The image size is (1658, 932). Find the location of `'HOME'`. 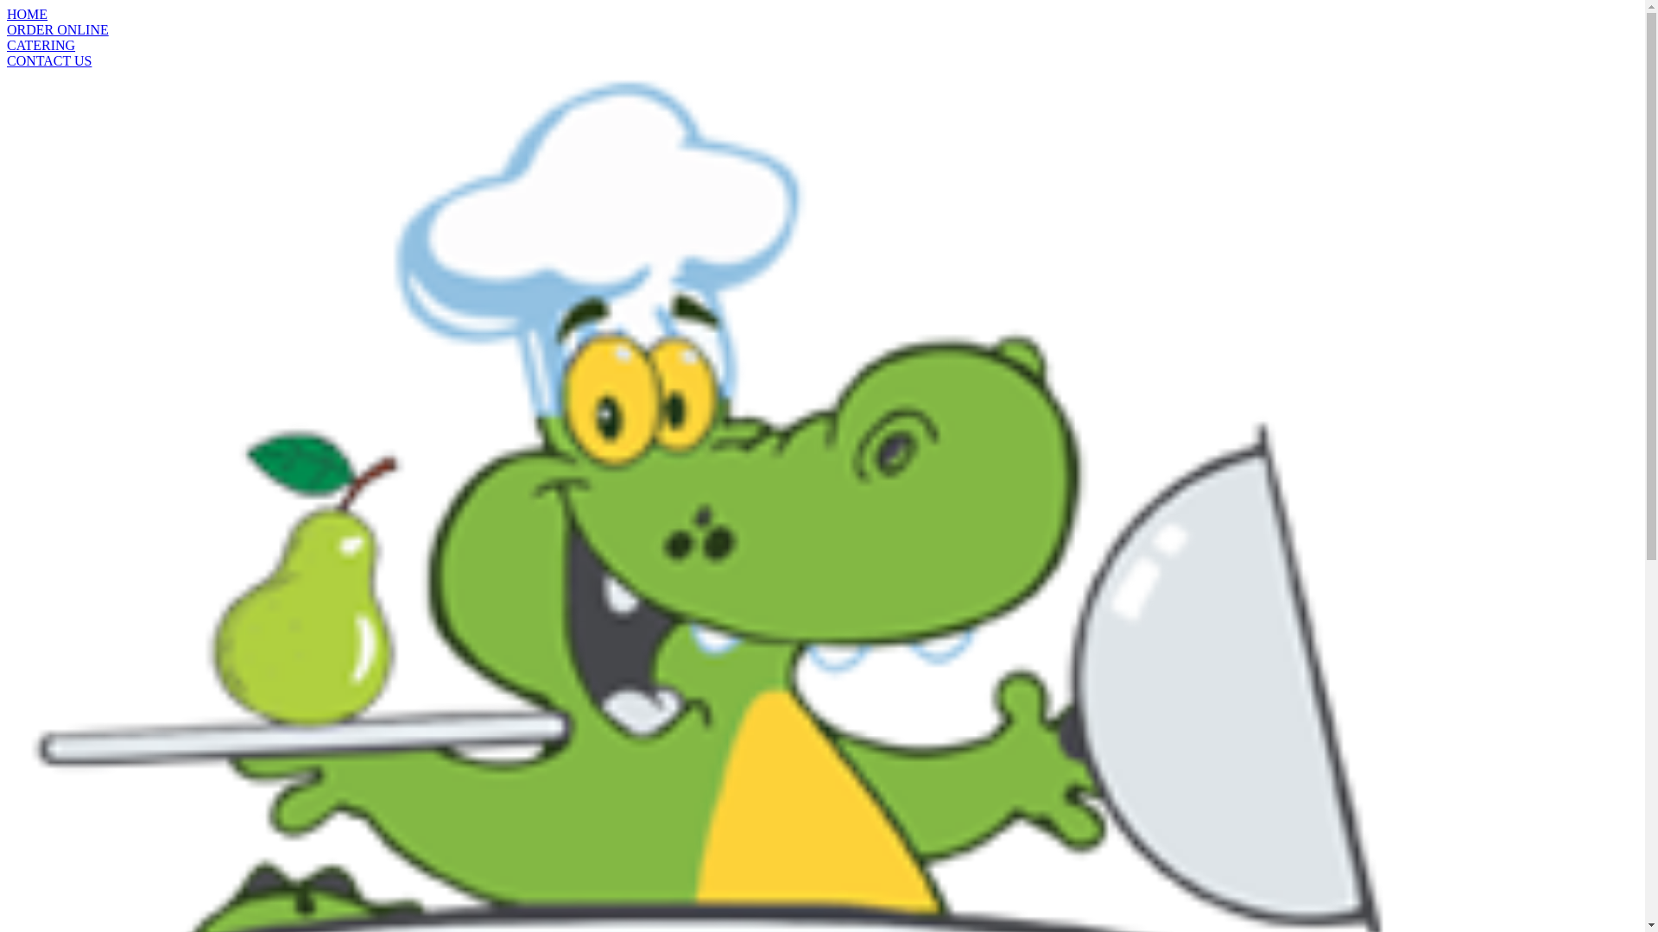

'HOME' is located at coordinates (7, 14).